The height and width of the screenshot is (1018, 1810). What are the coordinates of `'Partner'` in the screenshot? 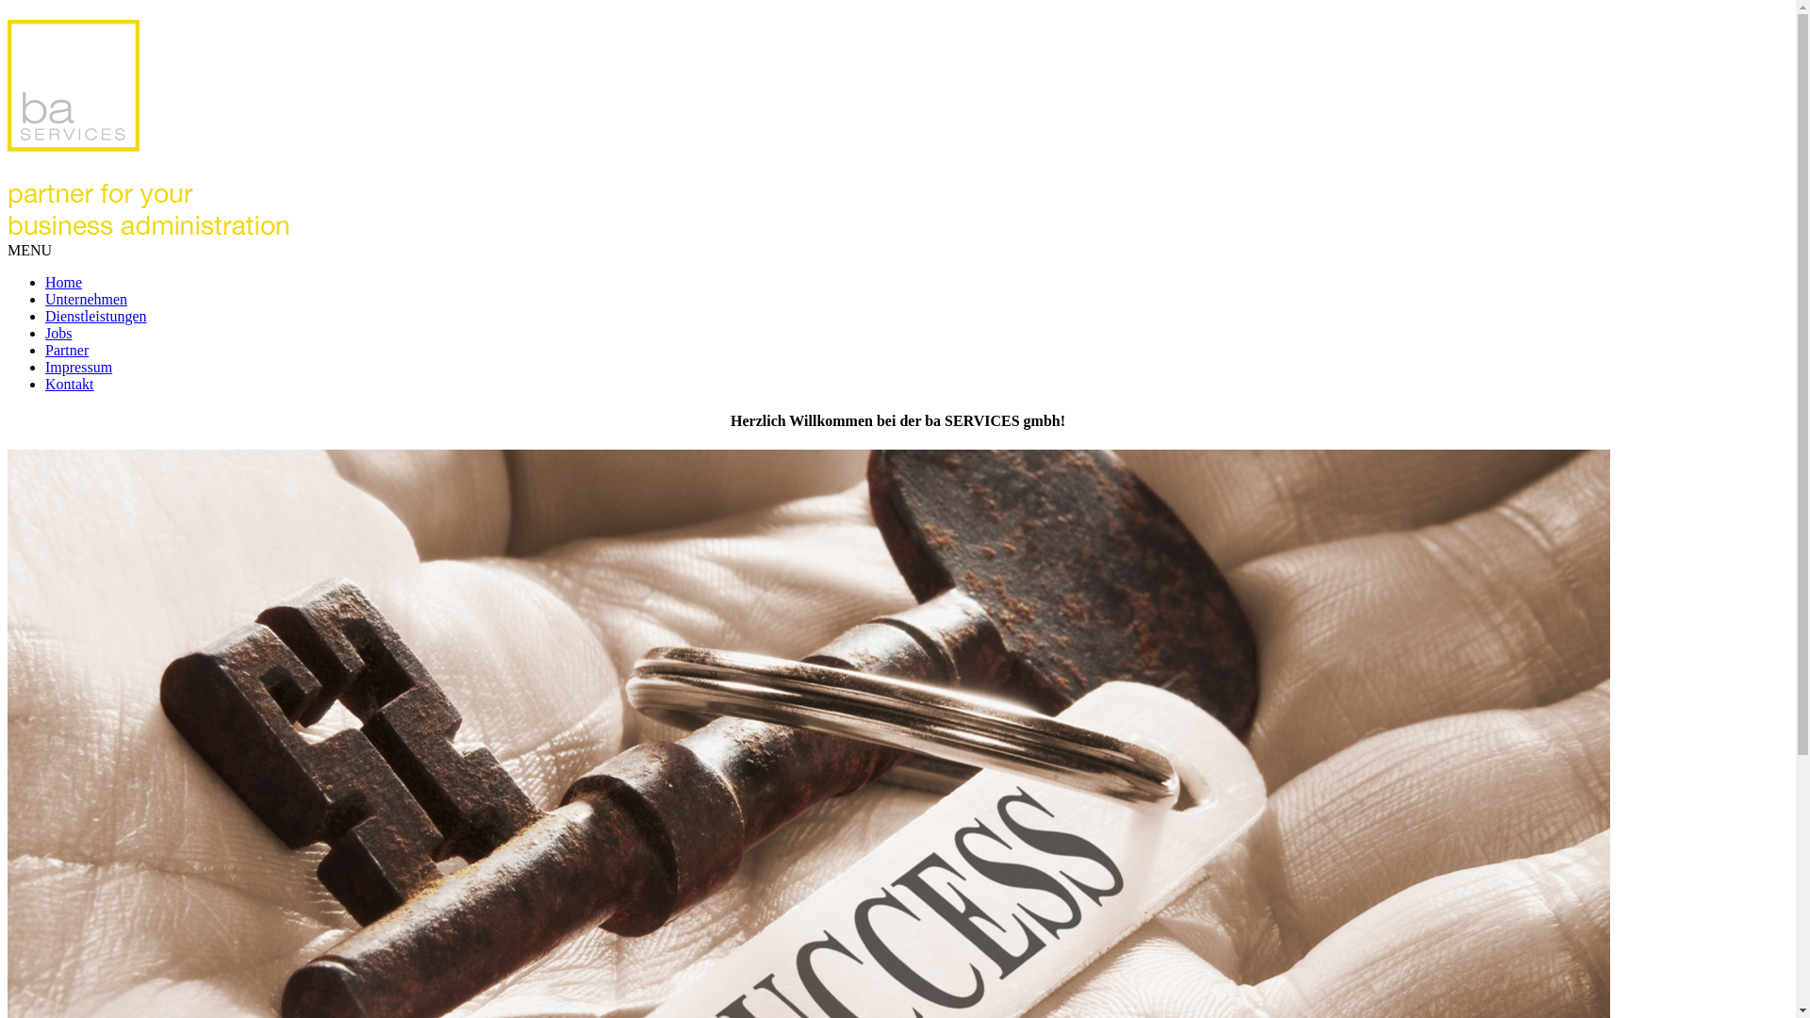 It's located at (67, 350).